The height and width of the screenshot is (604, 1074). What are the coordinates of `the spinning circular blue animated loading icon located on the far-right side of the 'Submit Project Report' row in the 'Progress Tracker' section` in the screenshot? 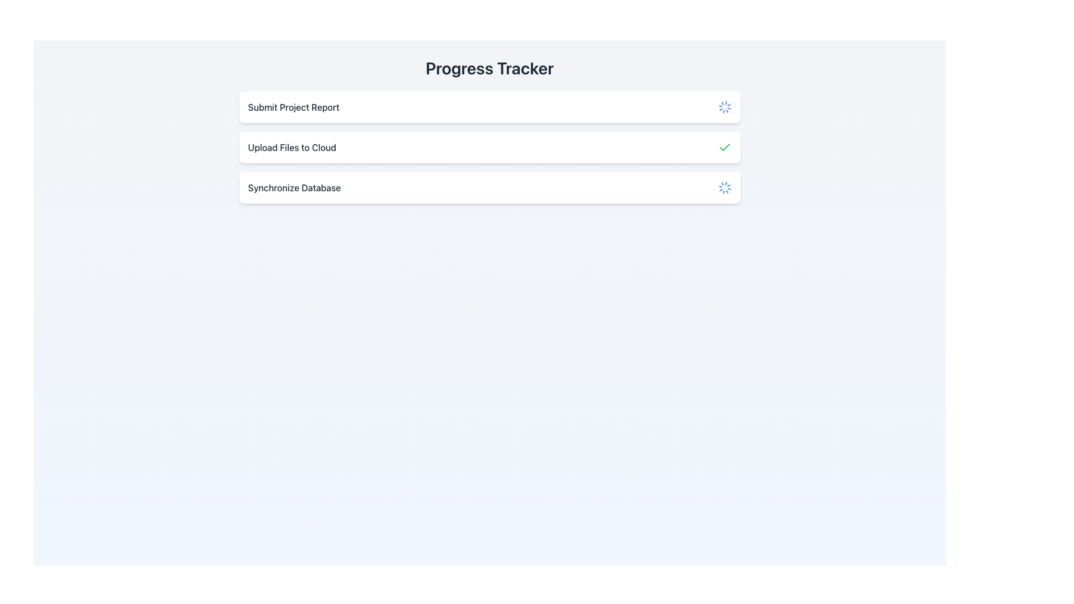 It's located at (724, 107).